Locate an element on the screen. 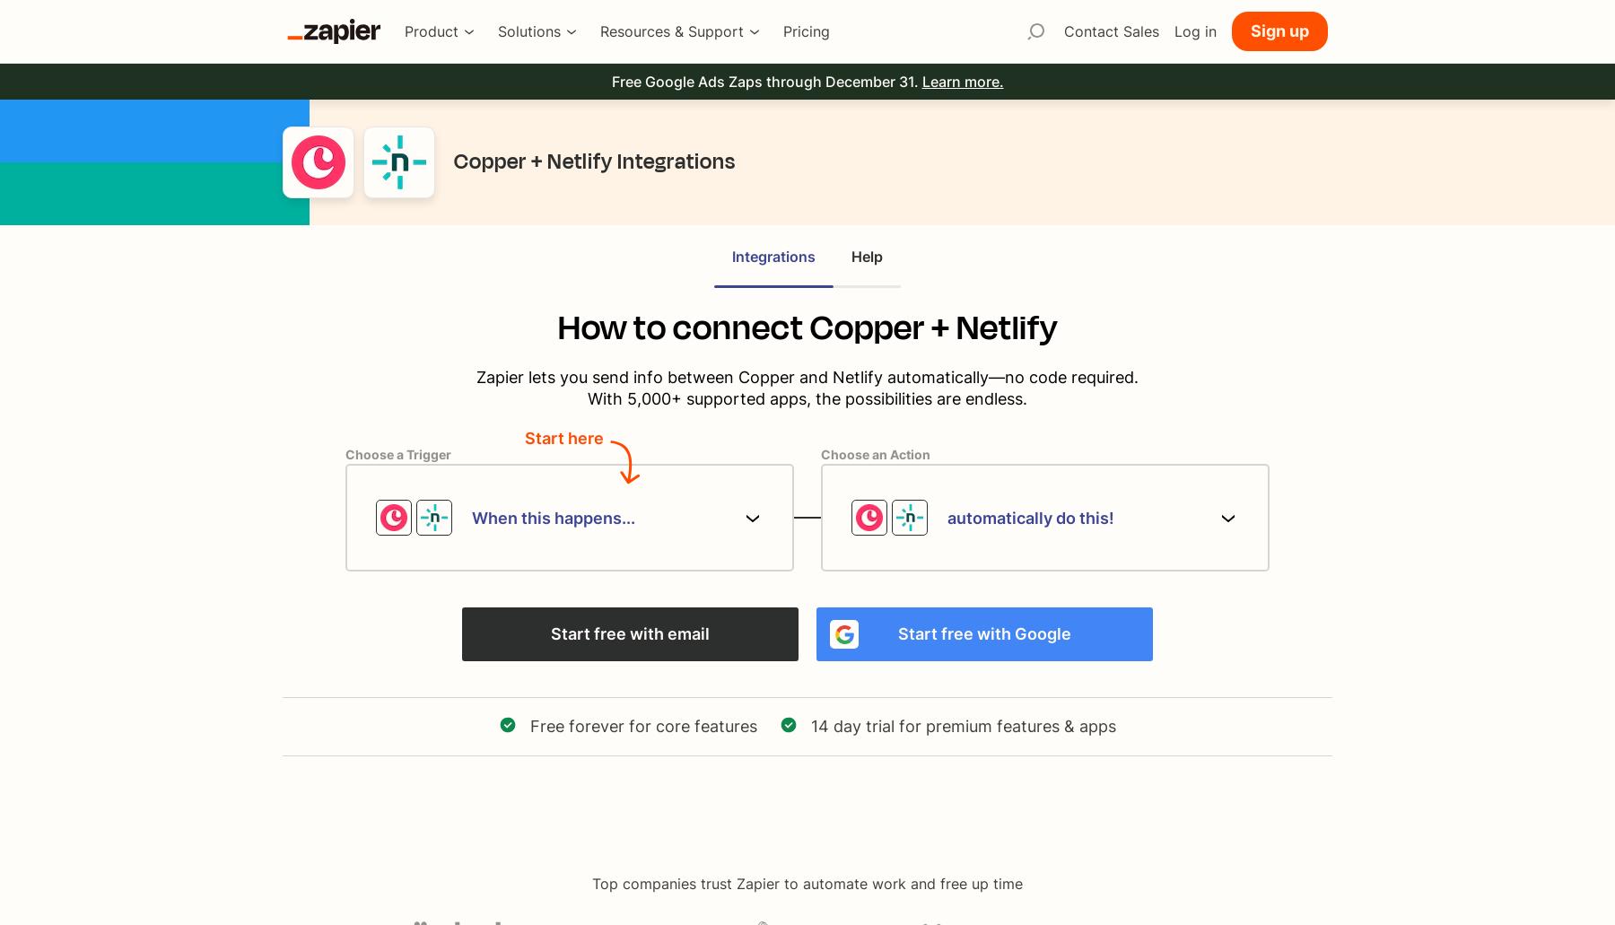 This screenshot has width=1615, height=925. 'automatically do this!' is located at coordinates (1029, 516).